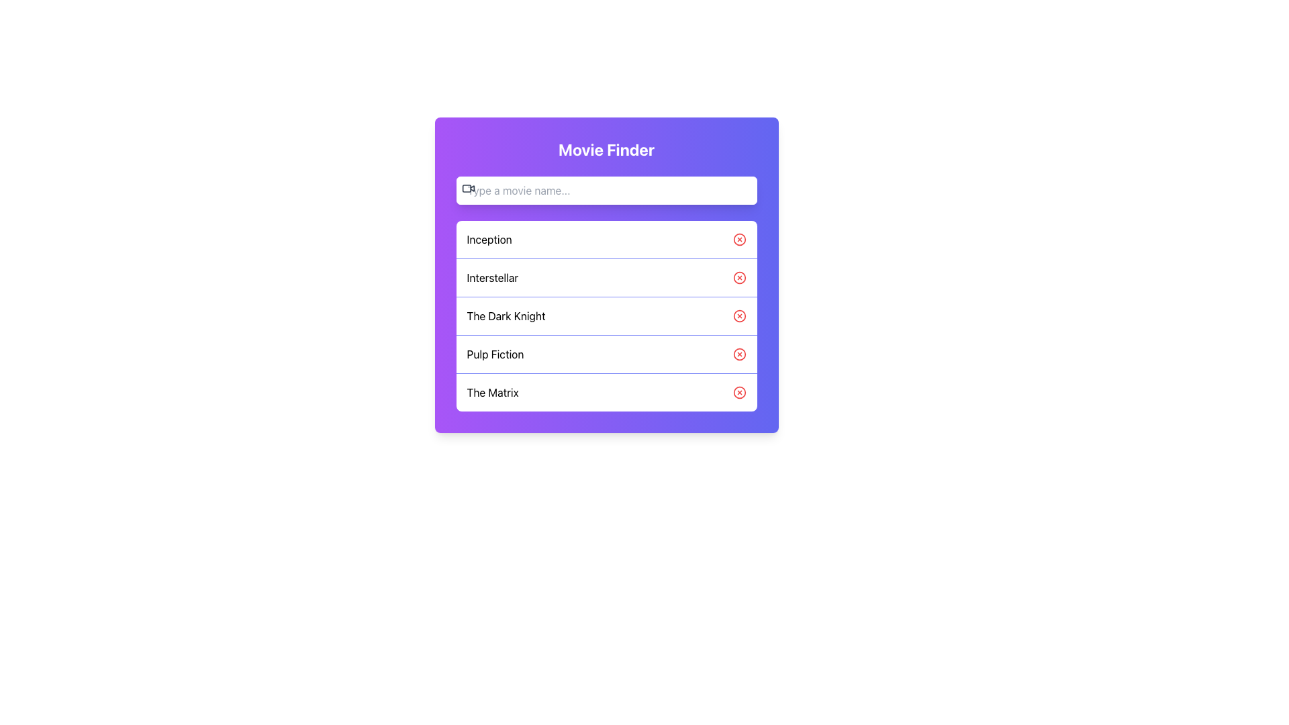 The image size is (1289, 725). I want to click on the List Item displaying the movie title 'Interstellar', so click(606, 274).